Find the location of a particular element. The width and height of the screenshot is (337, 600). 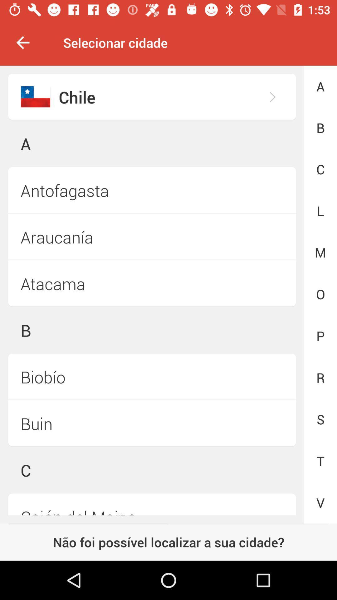

the icon to the left of r is located at coordinates (152, 423).